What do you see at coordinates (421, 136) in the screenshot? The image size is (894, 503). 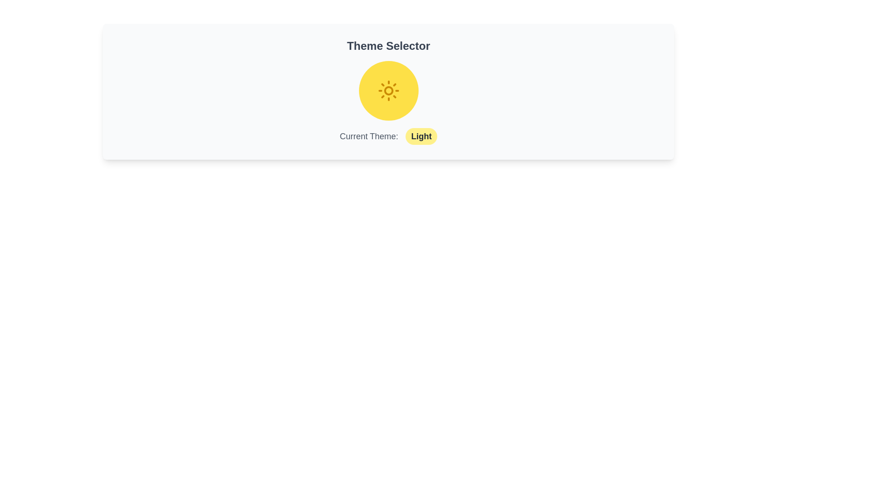 I see `the pill-like label with the text 'Light', which has a yellow background and is located to the right of 'Current Theme:' under the 'Theme Selector' section` at bounding box center [421, 136].